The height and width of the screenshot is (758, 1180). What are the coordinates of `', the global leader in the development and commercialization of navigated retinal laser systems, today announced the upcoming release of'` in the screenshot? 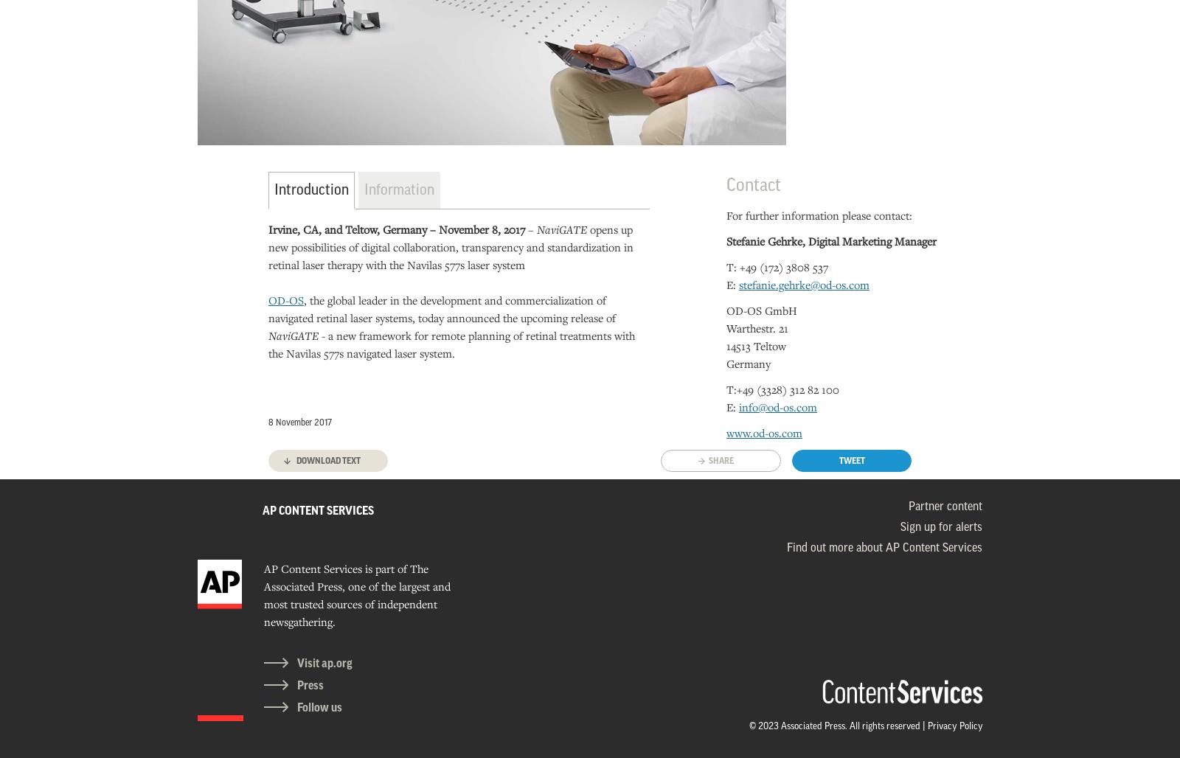 It's located at (268, 307).